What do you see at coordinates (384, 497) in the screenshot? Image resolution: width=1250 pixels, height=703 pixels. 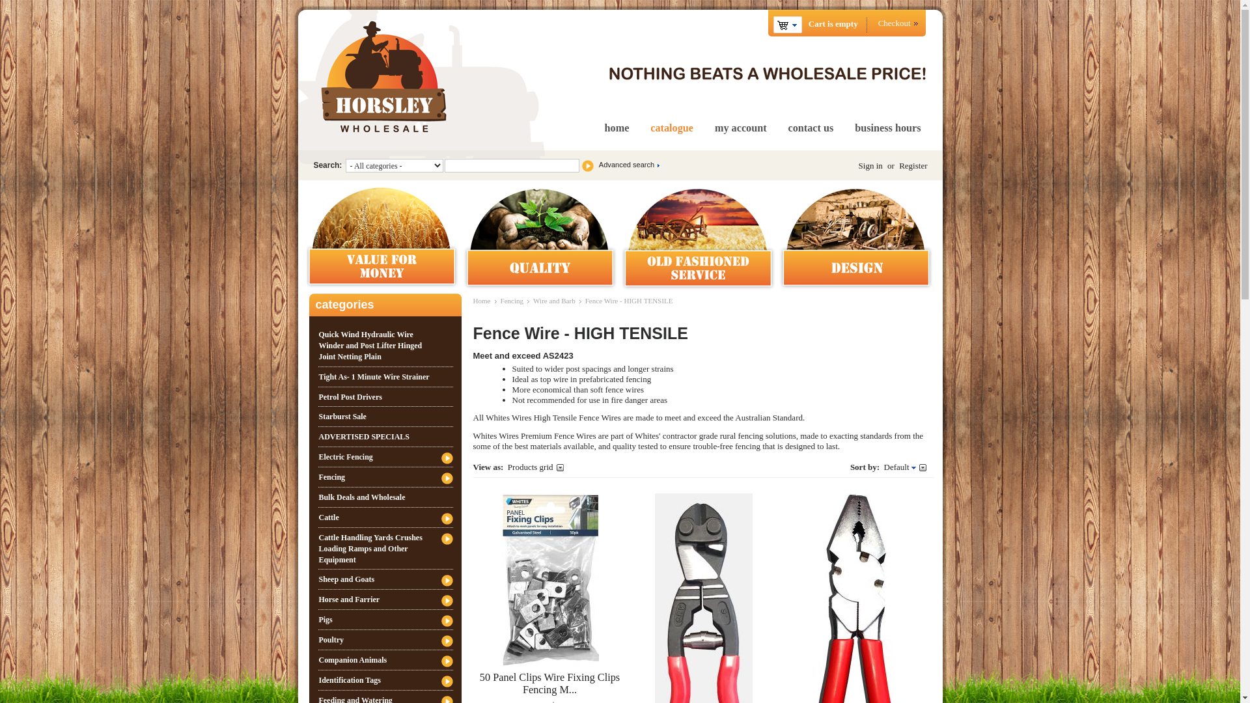 I see `'Bulk Deals and Wholesale'` at bounding box center [384, 497].